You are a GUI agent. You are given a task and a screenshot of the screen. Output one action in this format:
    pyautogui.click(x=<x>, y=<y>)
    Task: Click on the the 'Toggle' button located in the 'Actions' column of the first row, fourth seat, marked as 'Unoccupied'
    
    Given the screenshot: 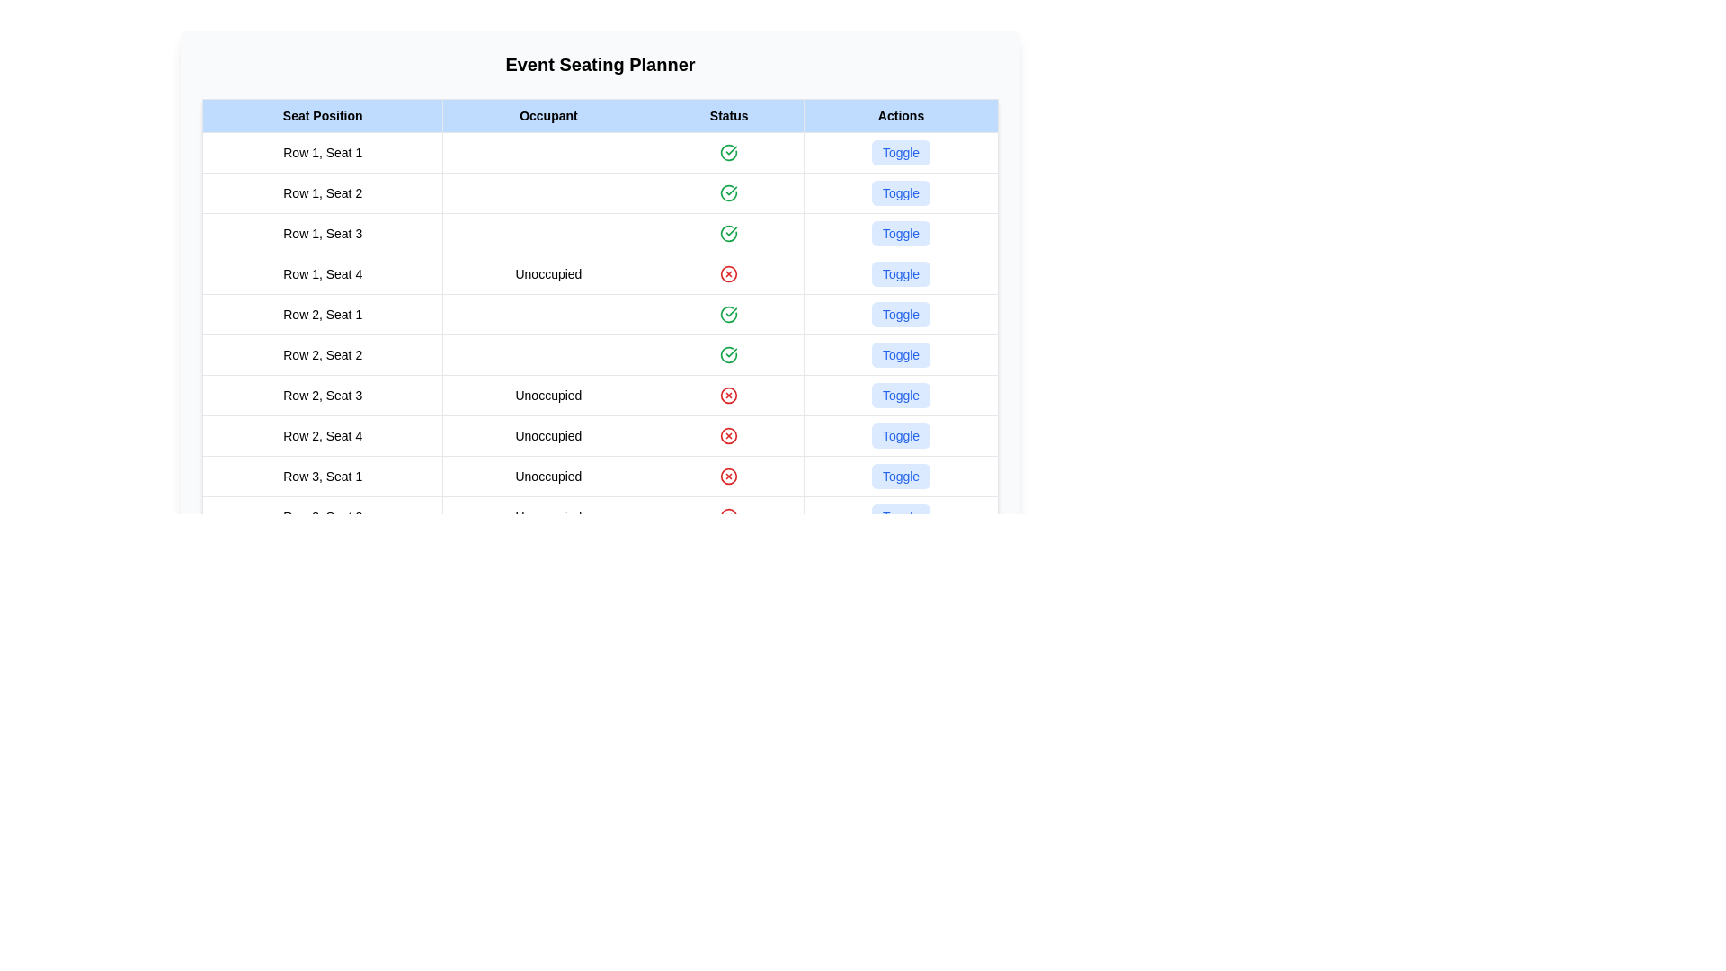 What is the action you would take?
    pyautogui.click(x=901, y=273)
    